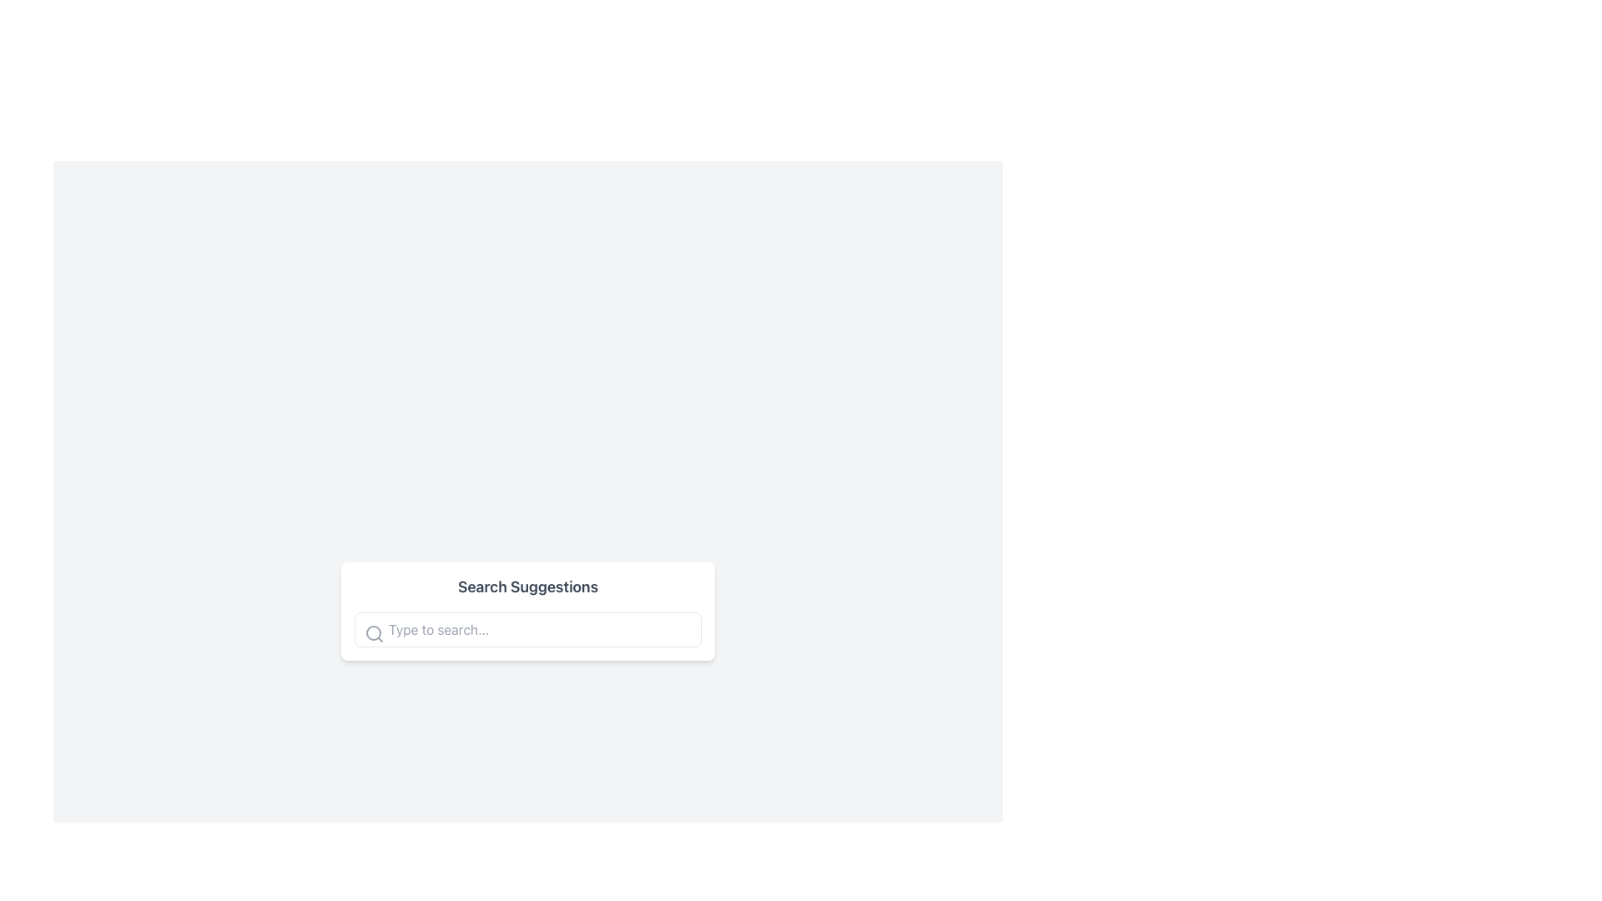  Describe the element at coordinates (372, 633) in the screenshot. I see `the small circular shape inside the magnifying glass icon, which is centered near the handle of the icon in the search bar interface` at that location.